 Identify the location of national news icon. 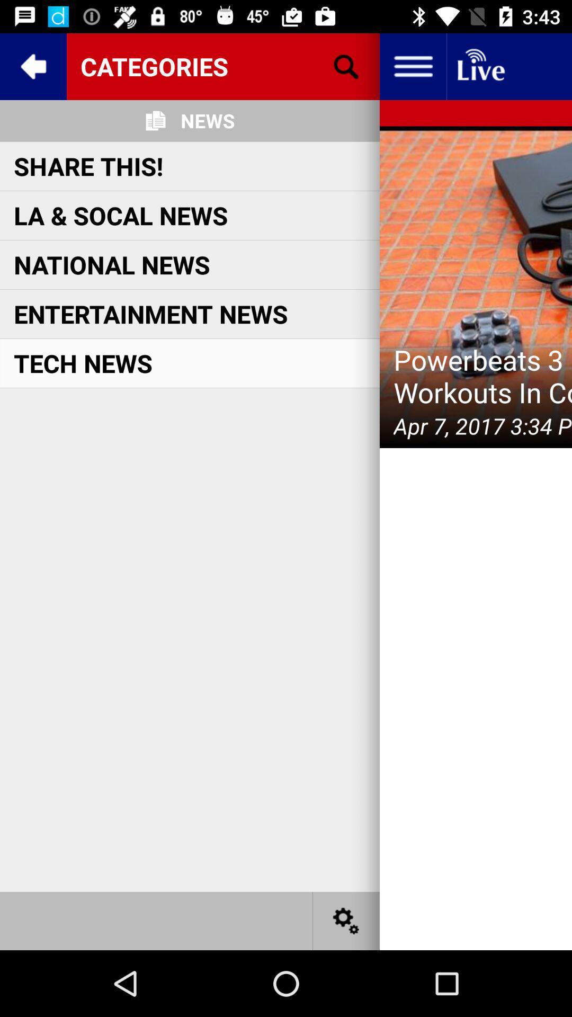
(112, 264).